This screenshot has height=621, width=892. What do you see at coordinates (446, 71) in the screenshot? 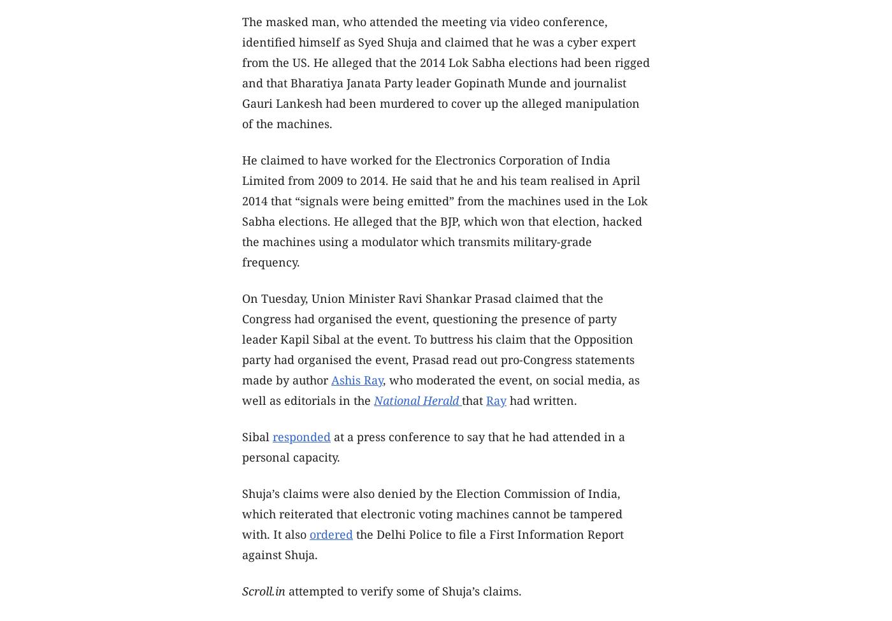
I see `'The masked man, who attended the meeting via video conference, identified himself as Syed Shuja and claimed that he was a cyber expert from the US. He  alleged that the 2014 Lok Sabha elections had been rigged and that Bharatiya Janata Party leader Gopinath Munde and journalist Gauri Lankesh had been murdered to cover up the alleged manipulation of the machines.'` at bounding box center [446, 71].